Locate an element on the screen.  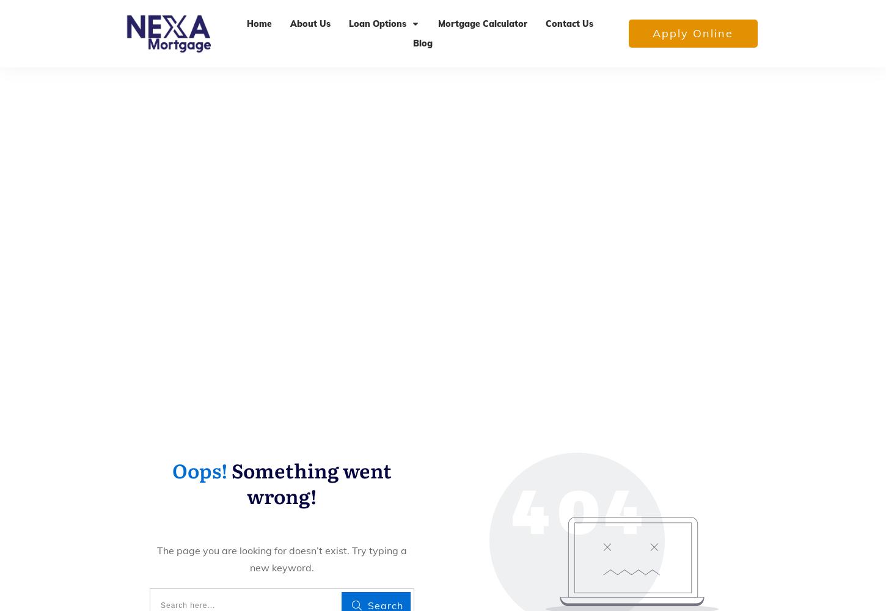
'Apply Online' is located at coordinates (692, 33).